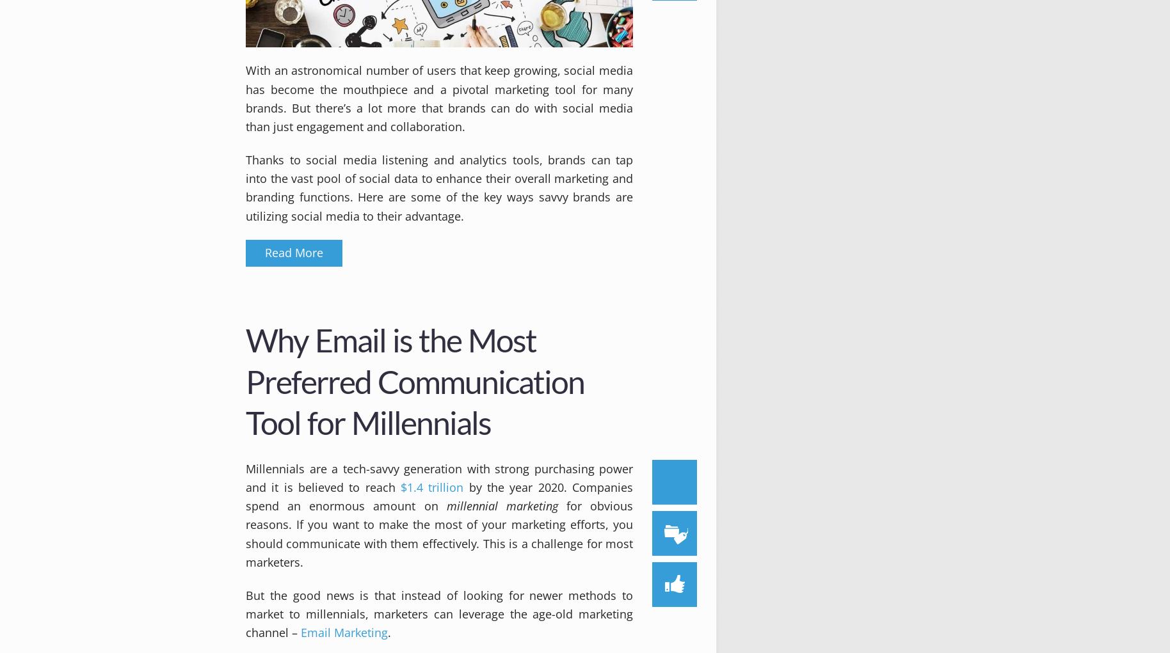  I want to click on 'Read More', so click(265, 252).